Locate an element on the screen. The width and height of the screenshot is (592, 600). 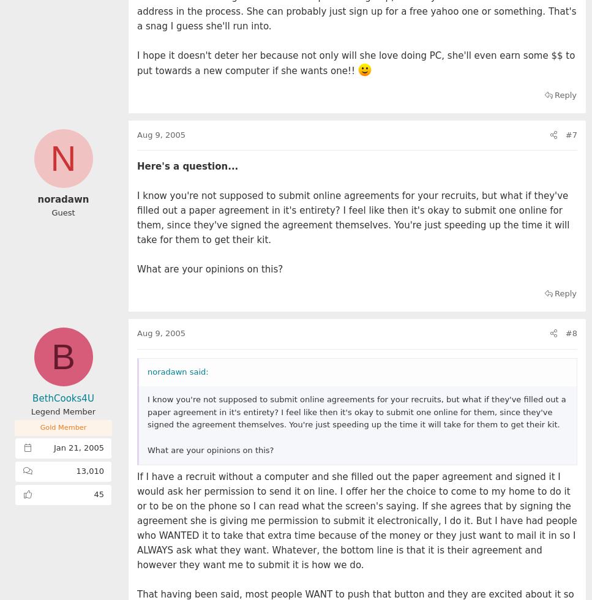
'If I have a recruit without a computer and she filled out the paper agreement and signed it I would ask her permission to send it on line. I offer her the choice to come to my home to do it or to be on the phone so I can read what the screen's saying. If she agrees that by signing the agreement she is giving me permission to submit it electronically, I do it. But I have had people who WANTED it to take that extra time because of the money or they just want to mail it in so I ALWAYS ask what they want. Whatever, the bottom line is that it is their agreement and however they want me to submit it is how we do.' is located at coordinates (356, 521).